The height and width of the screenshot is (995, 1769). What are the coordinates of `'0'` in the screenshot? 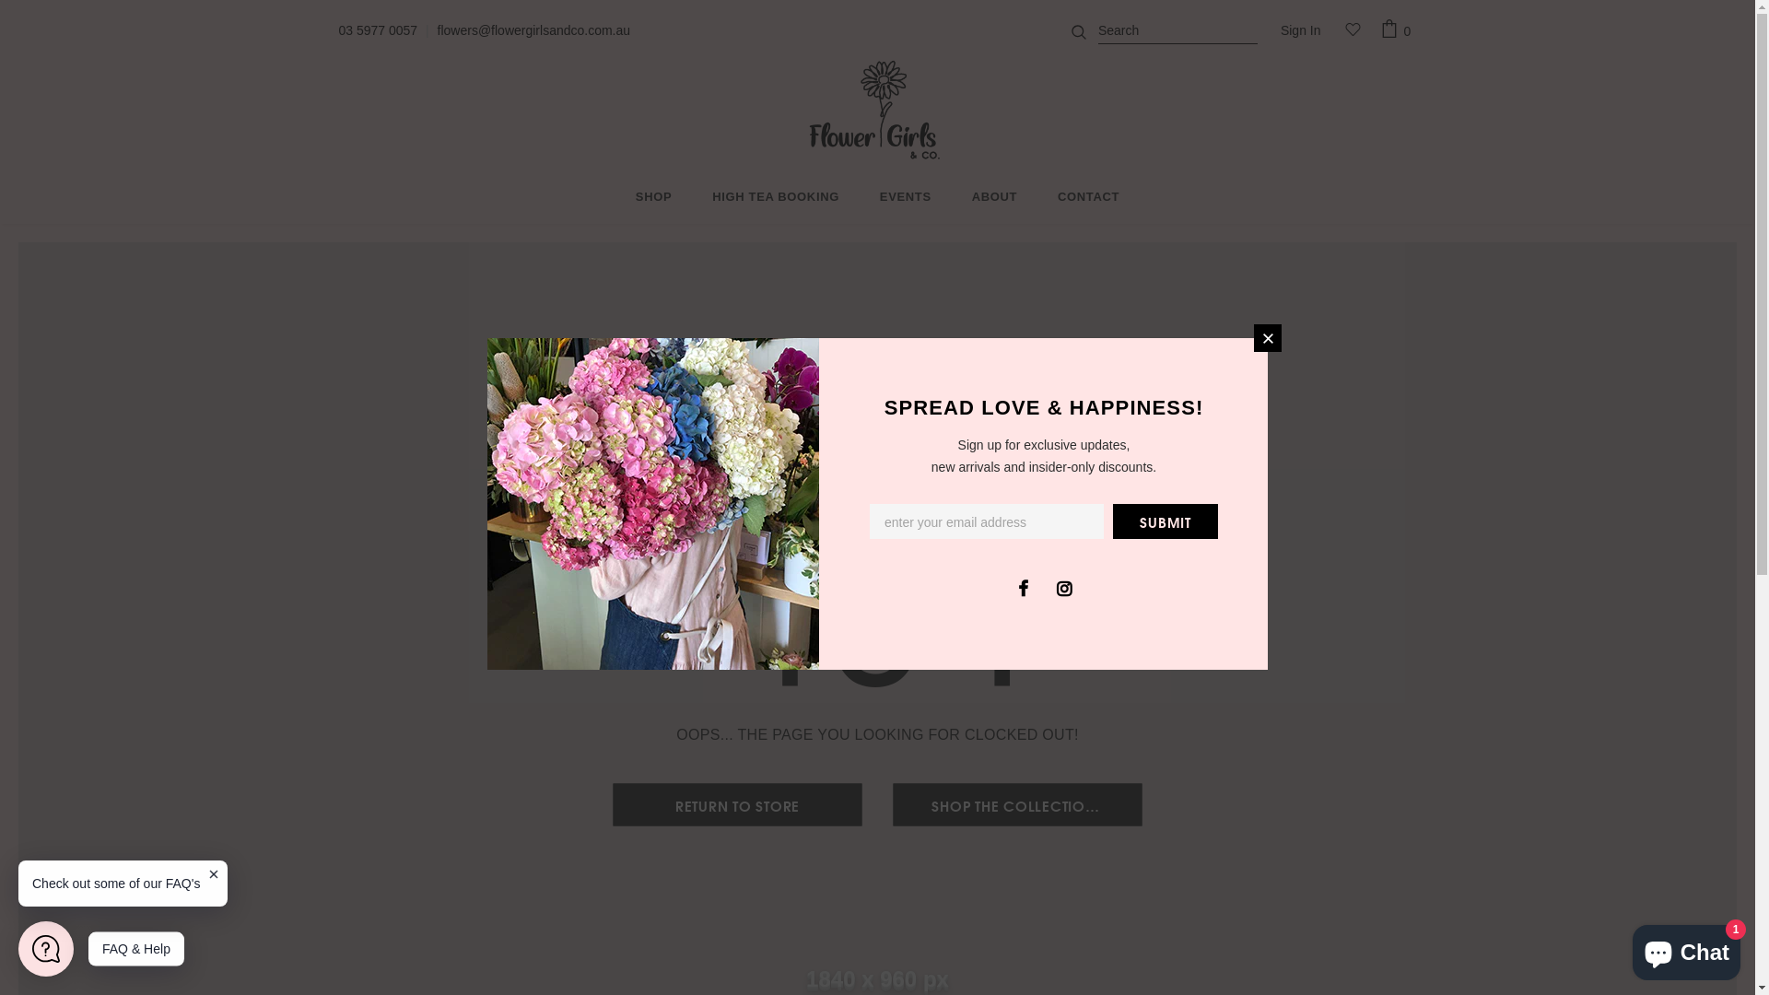 It's located at (1379, 30).